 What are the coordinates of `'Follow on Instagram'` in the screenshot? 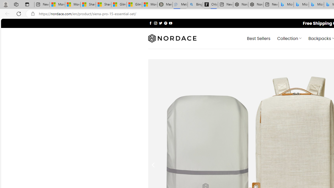 It's located at (155, 23).